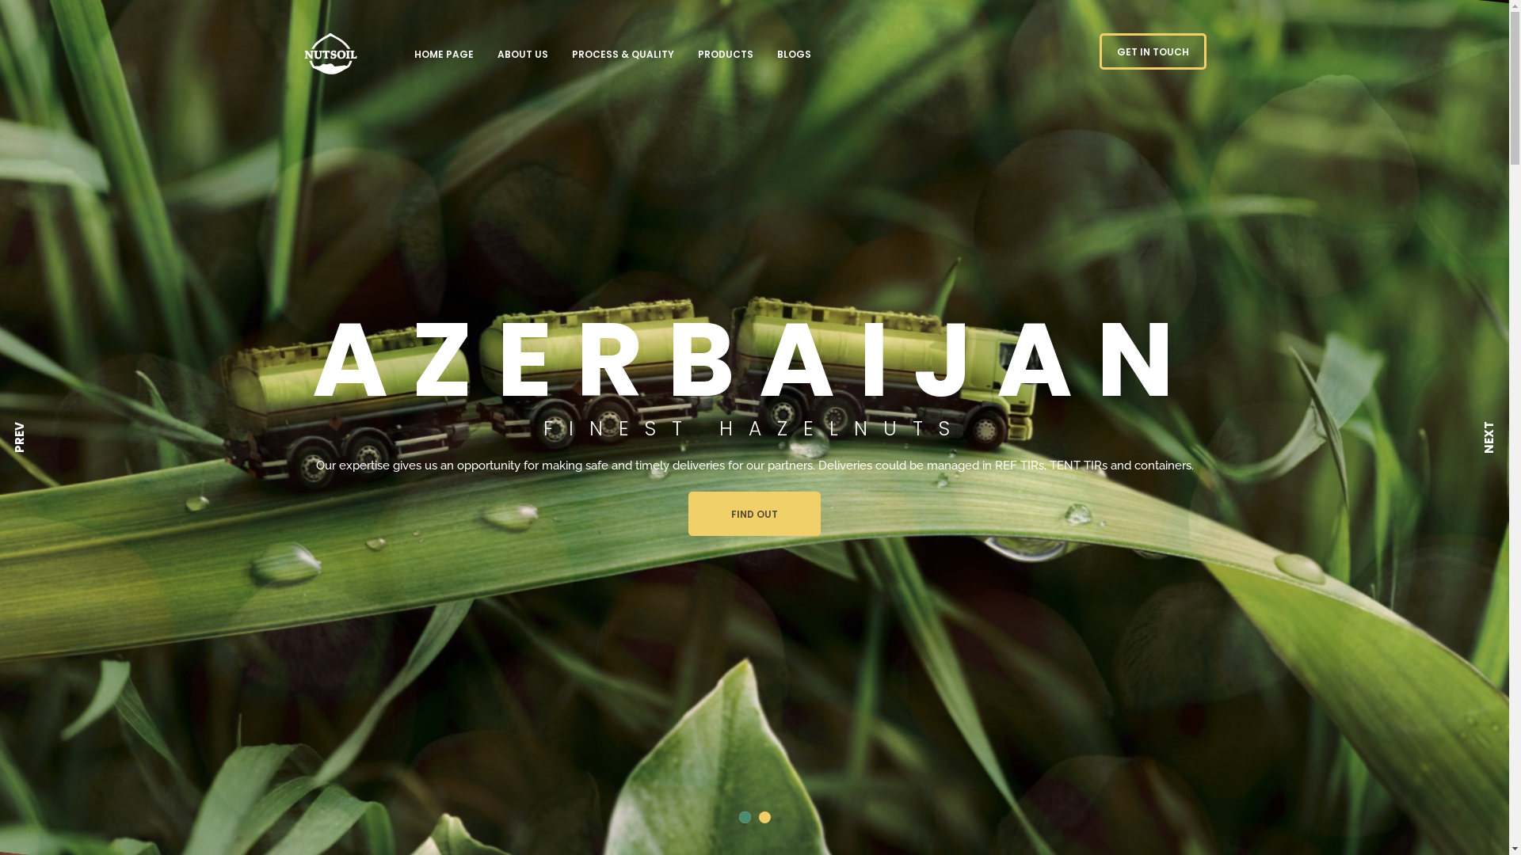  I want to click on 'GET IN TOUCH', so click(1153, 51).